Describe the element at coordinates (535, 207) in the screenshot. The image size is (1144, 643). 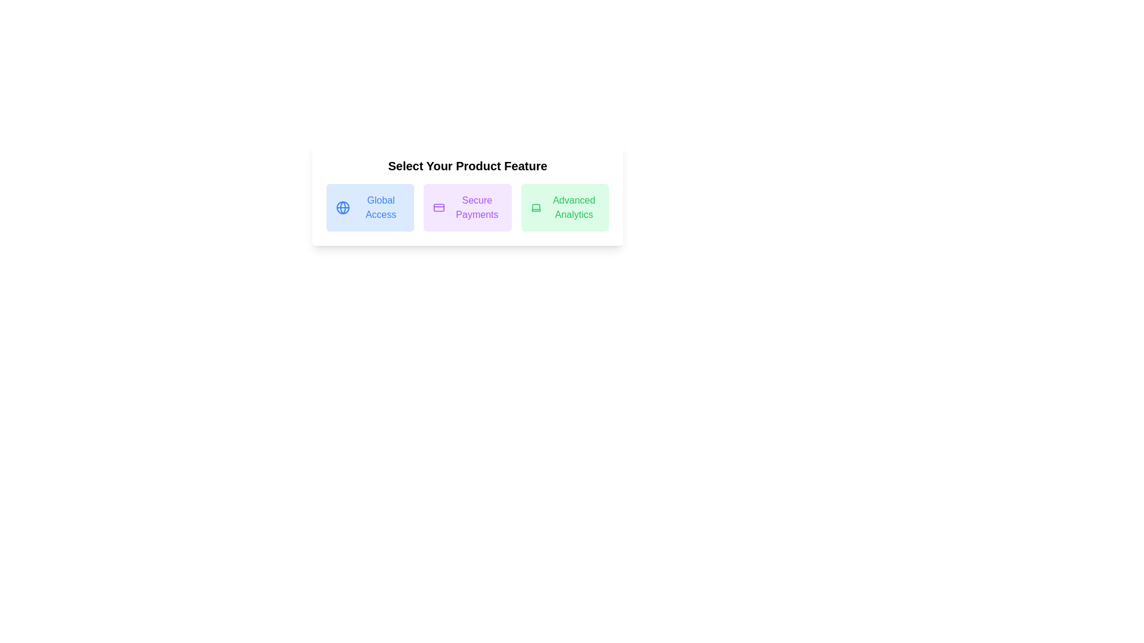
I see `the laptop-shaped icon inside the green box labeled 'Advanced Analytics'` at that location.